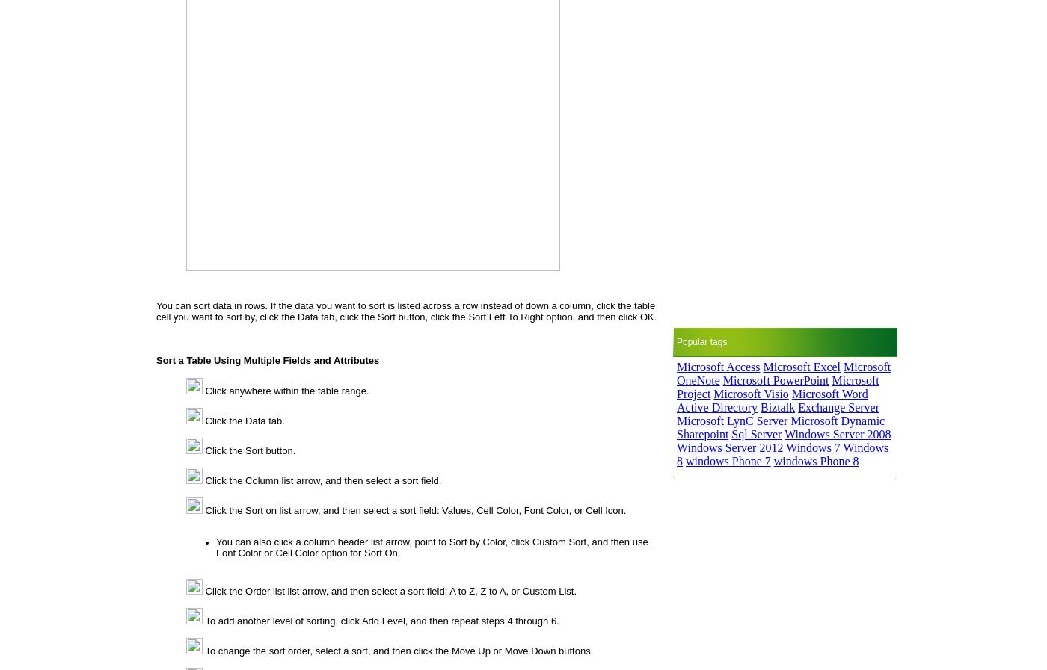 Image resolution: width=1047 pixels, height=670 pixels. I want to click on 'option for Sort On.', so click(359, 552).